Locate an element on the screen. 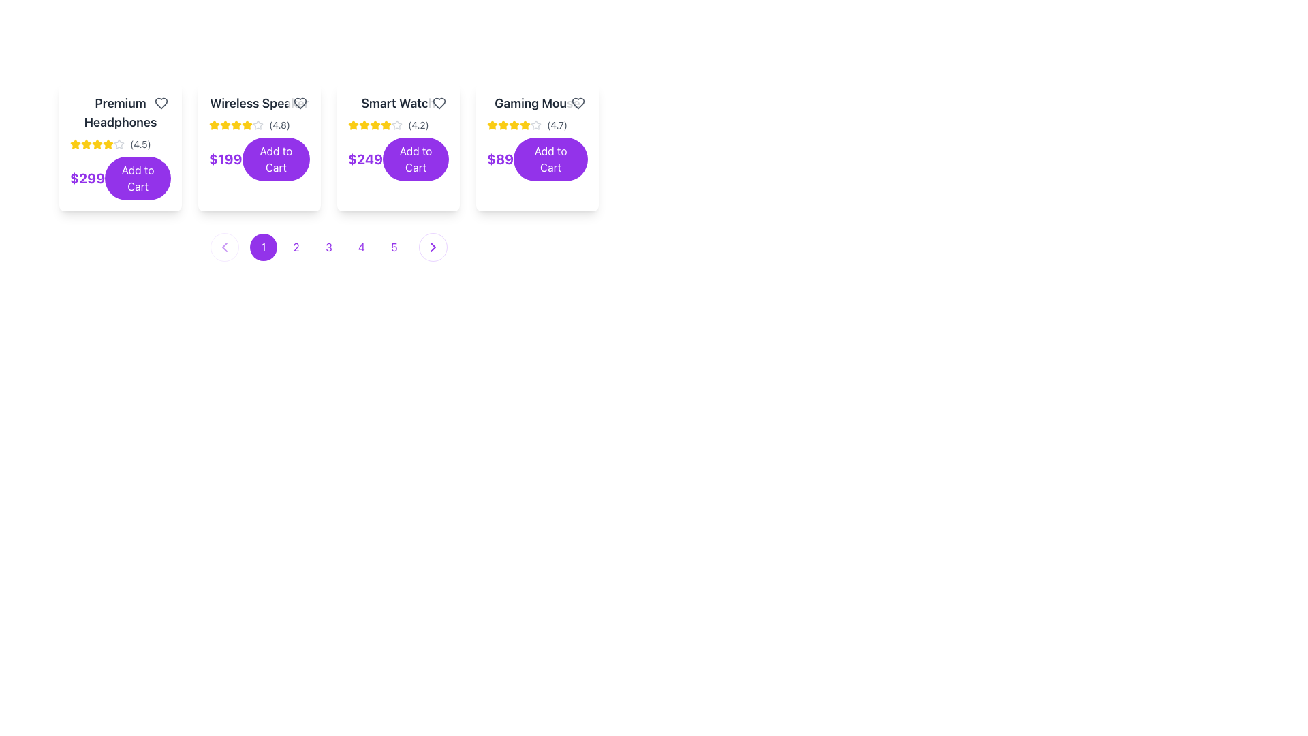 The height and width of the screenshot is (736, 1308). the fifth star icon of the star-rating system located beneath the 'Wireless Speaker' title is located at coordinates (236, 125).